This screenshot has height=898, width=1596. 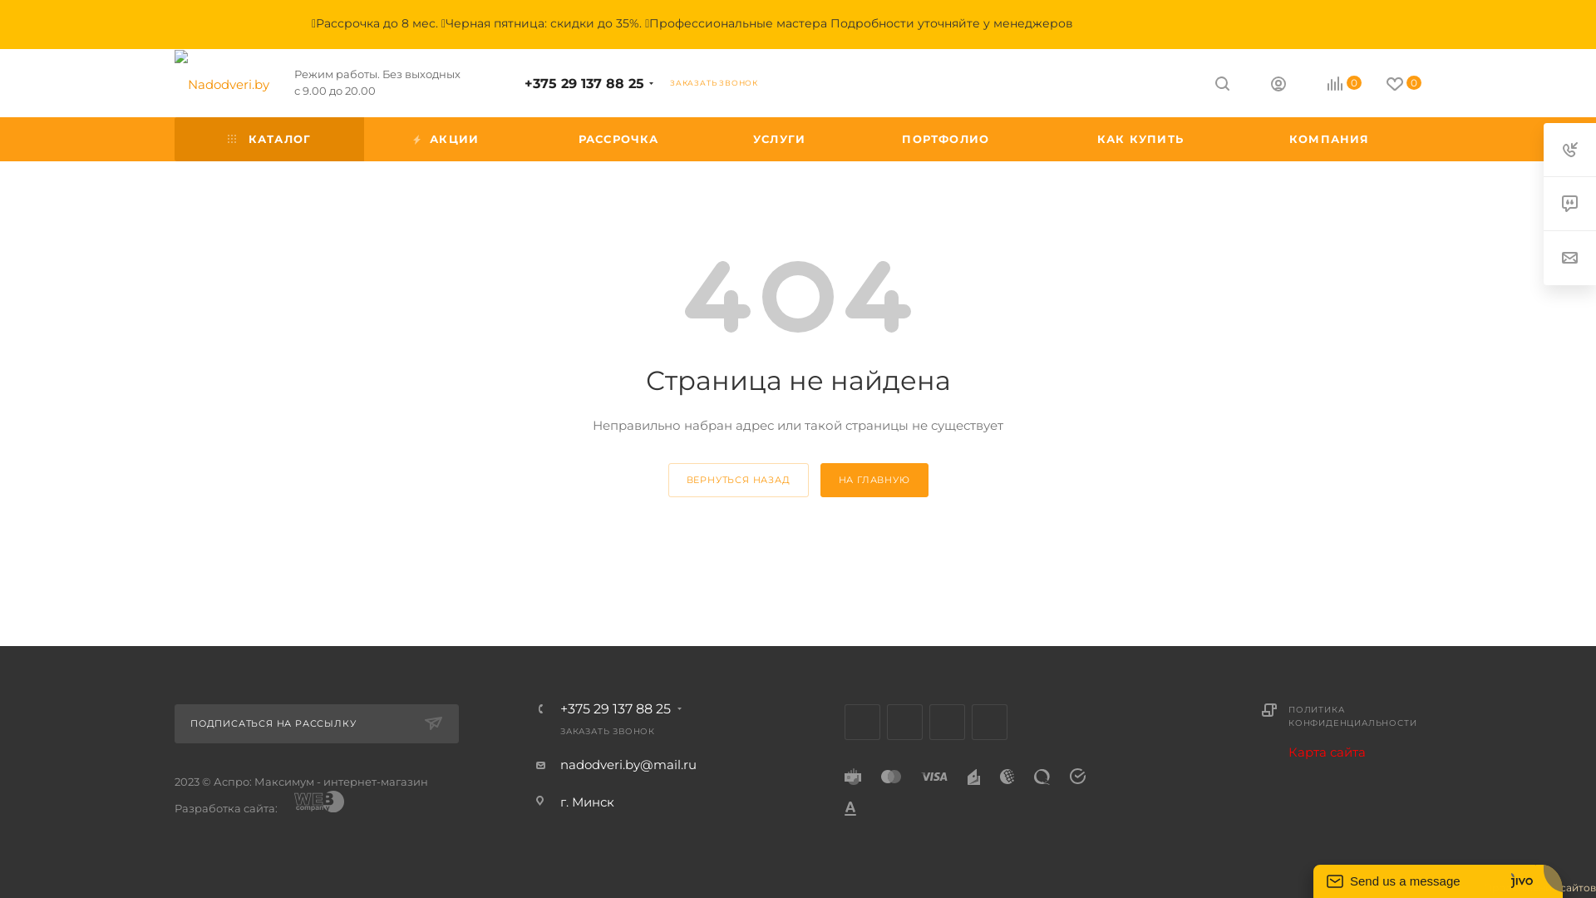 I want to click on 'nadodveri.by@mail.ru', so click(x=627, y=764).